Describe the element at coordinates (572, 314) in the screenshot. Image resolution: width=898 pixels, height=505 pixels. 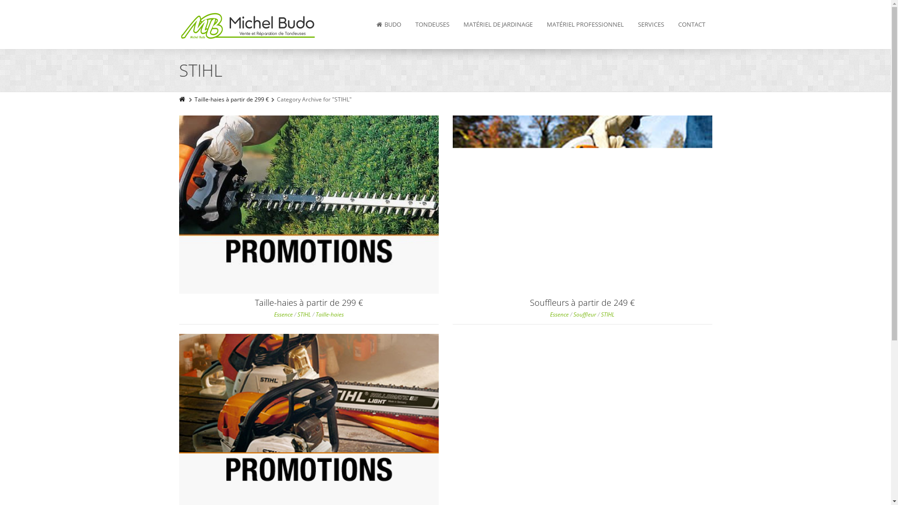
I see `'Souffleur'` at that location.